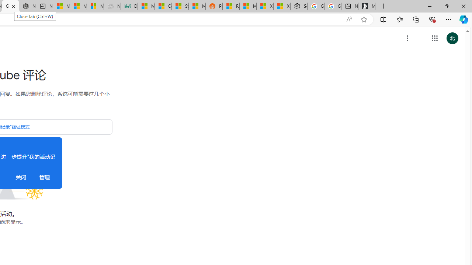 This screenshot has height=265, width=472. Describe the element at coordinates (180, 6) in the screenshot. I see `'Stocks - MSN'` at that location.